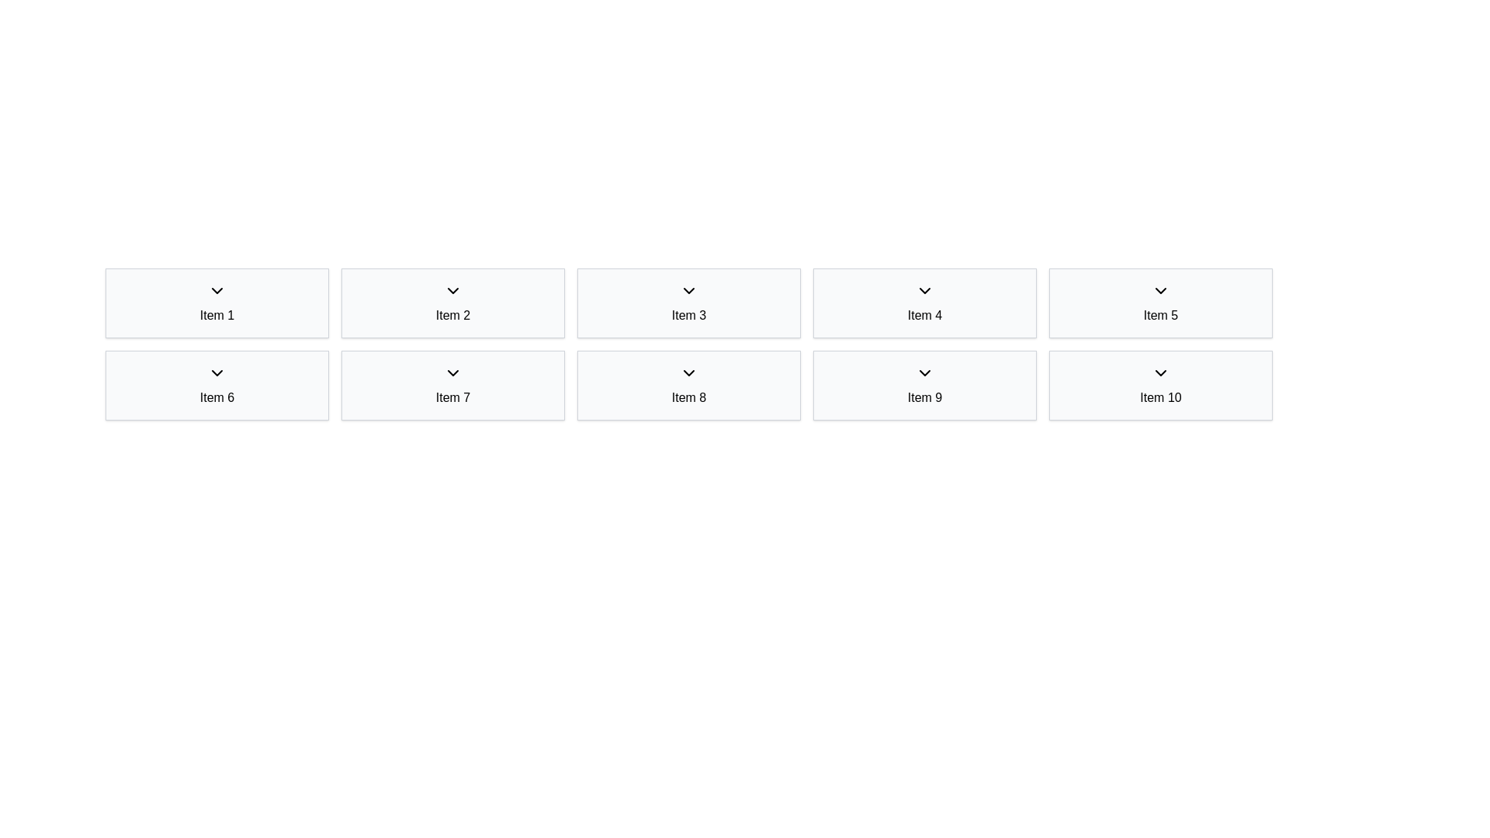 Image resolution: width=1490 pixels, height=838 pixels. I want to click on the chevron-down icon located in the top-right portion of the grid above the text 'Item 5', so click(1161, 290).